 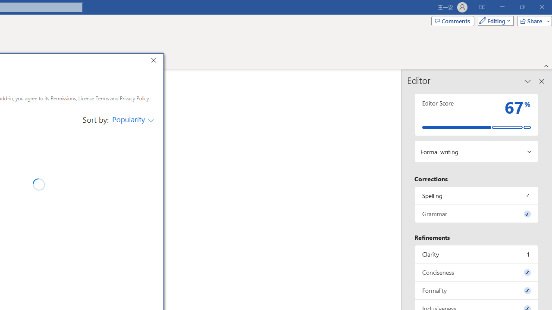 I want to click on 'Spelling, 4 issues. Press space or enter to review items.', so click(x=476, y=195).